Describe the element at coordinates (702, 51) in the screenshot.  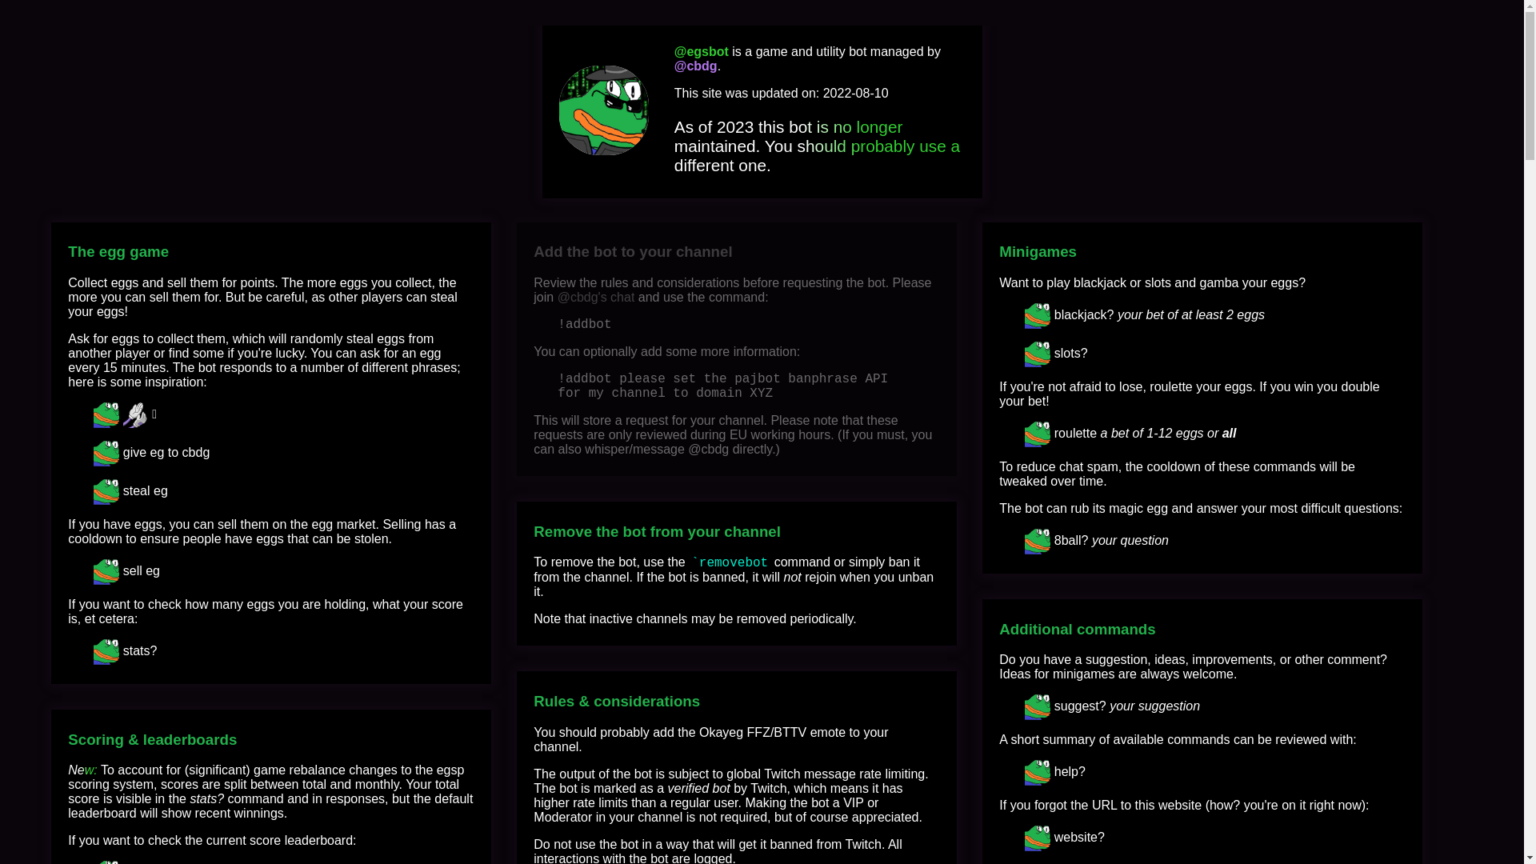
I see `'@egsbot'` at that location.